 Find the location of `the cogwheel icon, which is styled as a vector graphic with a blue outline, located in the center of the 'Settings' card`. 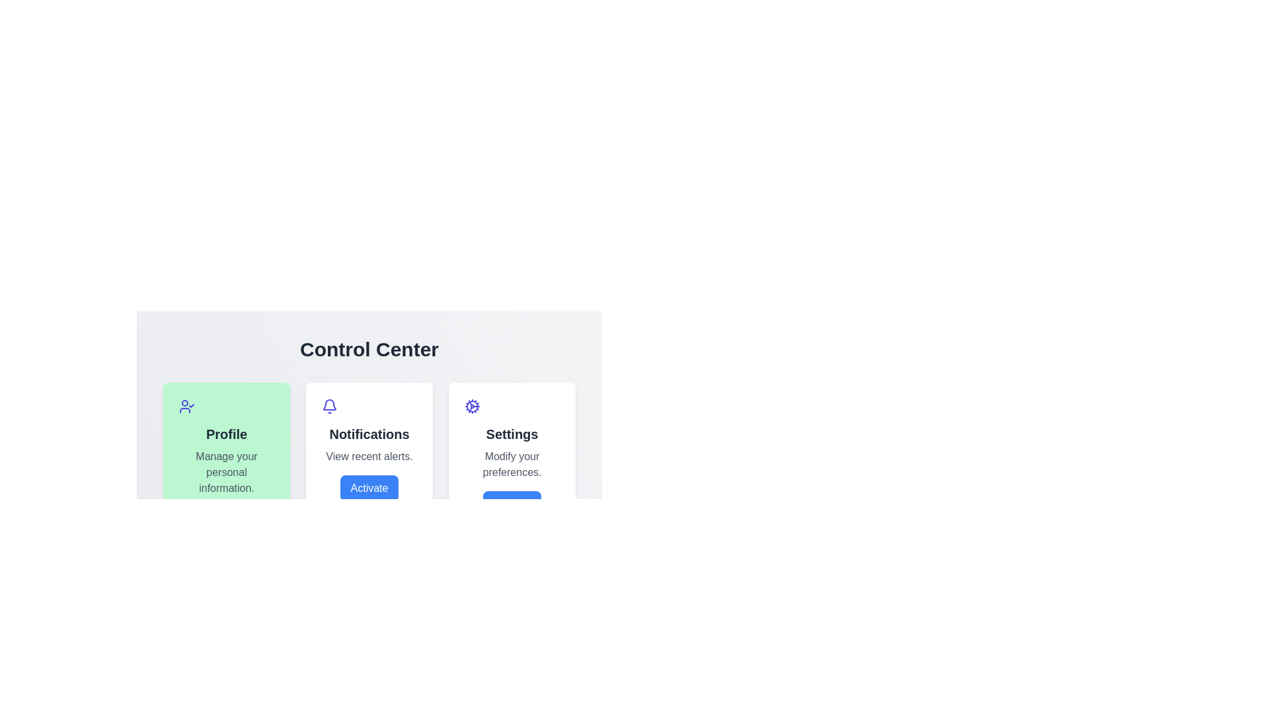

the cogwheel icon, which is styled as a vector graphic with a blue outline, located in the center of the 'Settings' card is located at coordinates (473, 405).